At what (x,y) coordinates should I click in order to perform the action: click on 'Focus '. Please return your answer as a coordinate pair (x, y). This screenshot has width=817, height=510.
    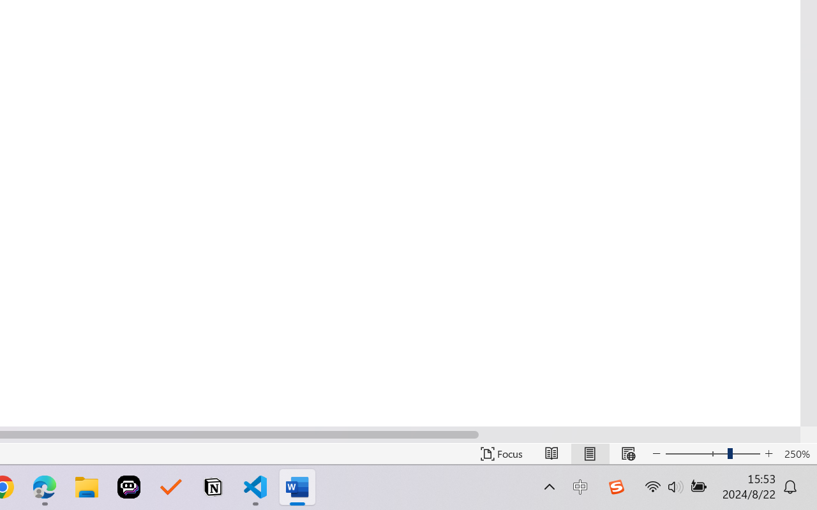
    Looking at the image, I should click on (501, 453).